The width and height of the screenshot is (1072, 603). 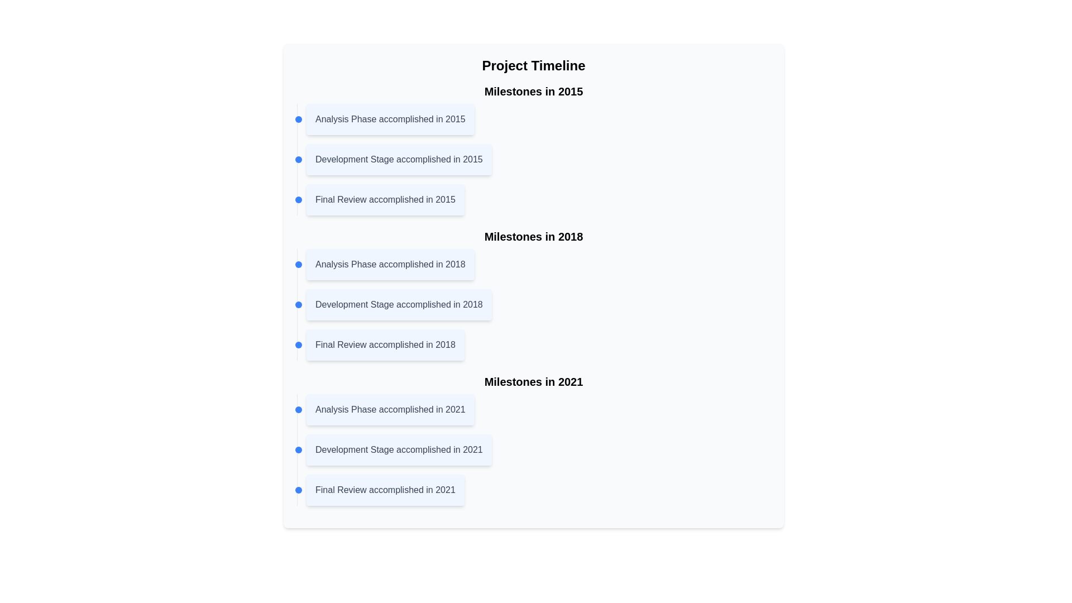 What do you see at coordinates (298, 409) in the screenshot?
I see `the small circular blue marker indicating the 'Analysis Phase accomplished in 2021' milestone in the timeline layout` at bounding box center [298, 409].